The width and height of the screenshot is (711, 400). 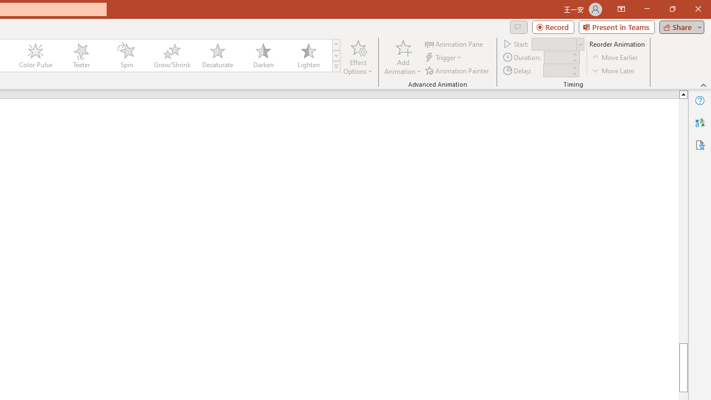 What do you see at coordinates (458, 71) in the screenshot?
I see `'Animation Painter'` at bounding box center [458, 71].